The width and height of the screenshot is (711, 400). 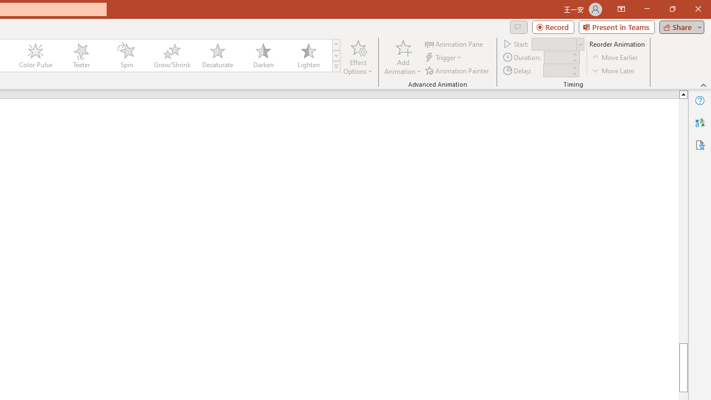 What do you see at coordinates (458, 71) in the screenshot?
I see `'Animation Painter'` at bounding box center [458, 71].